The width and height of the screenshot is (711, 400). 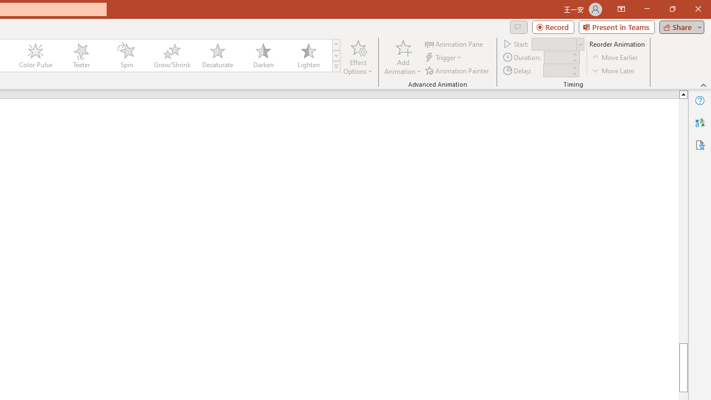 What do you see at coordinates (458, 71) in the screenshot?
I see `'Animation Painter'` at bounding box center [458, 71].